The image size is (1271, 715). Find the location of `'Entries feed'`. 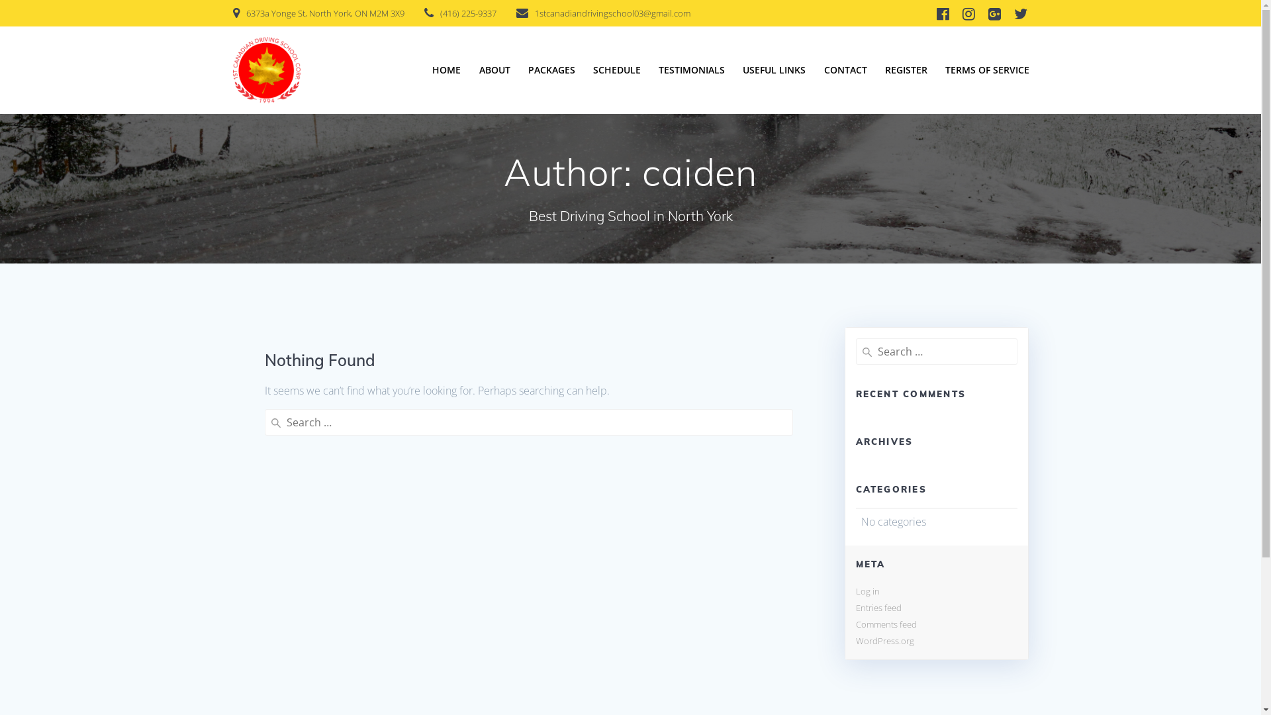

'Entries feed' is located at coordinates (878, 608).